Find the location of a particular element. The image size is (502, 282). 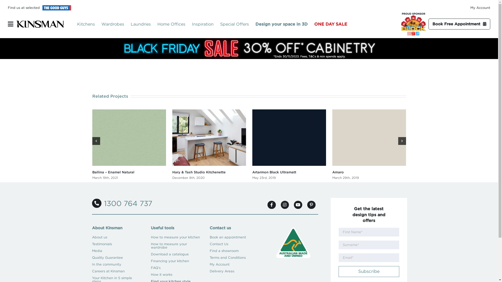

'Download a catalogue' is located at coordinates (175, 254).